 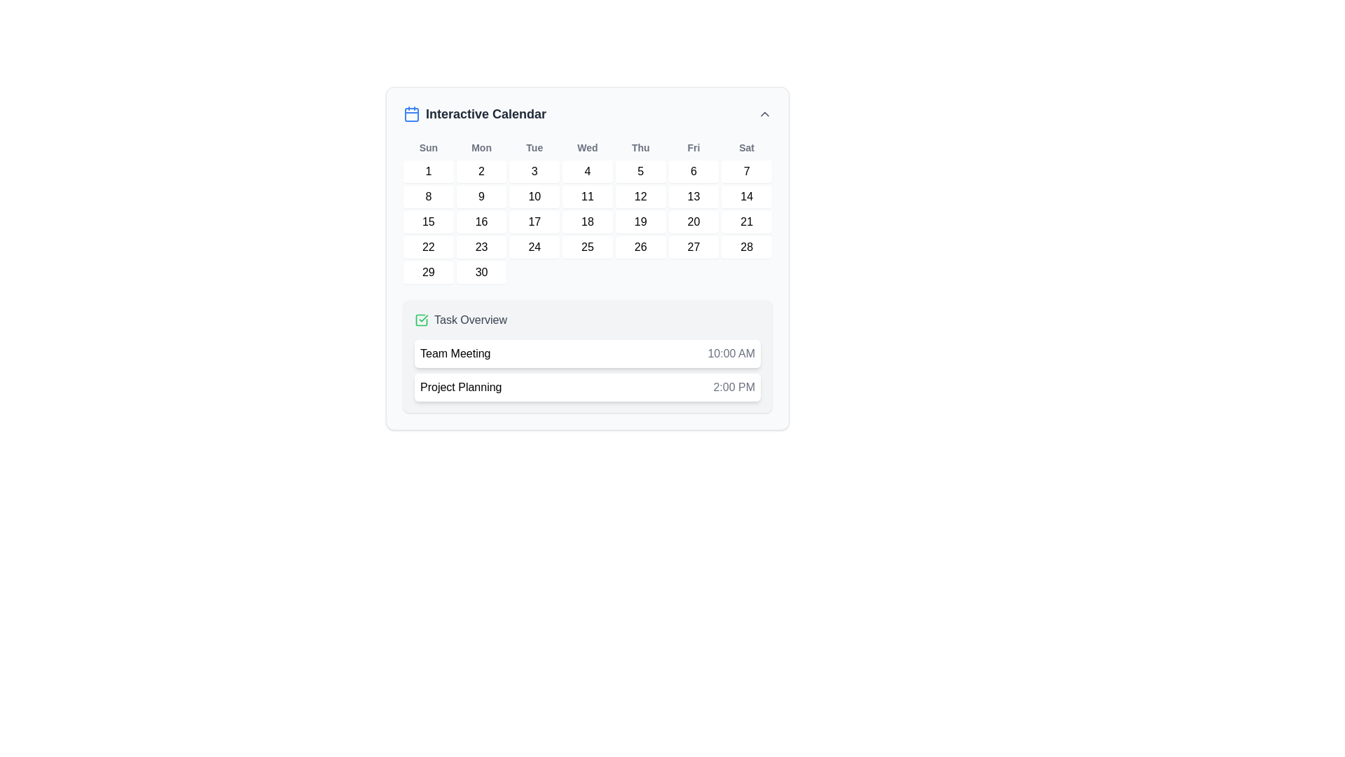 What do you see at coordinates (534, 171) in the screenshot?
I see `the button-like representation of the day '3' in the calendar interface` at bounding box center [534, 171].